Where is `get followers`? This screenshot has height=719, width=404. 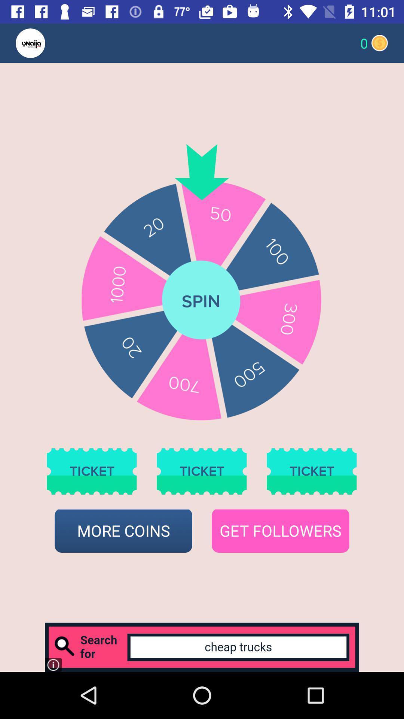 get followers is located at coordinates (280, 531).